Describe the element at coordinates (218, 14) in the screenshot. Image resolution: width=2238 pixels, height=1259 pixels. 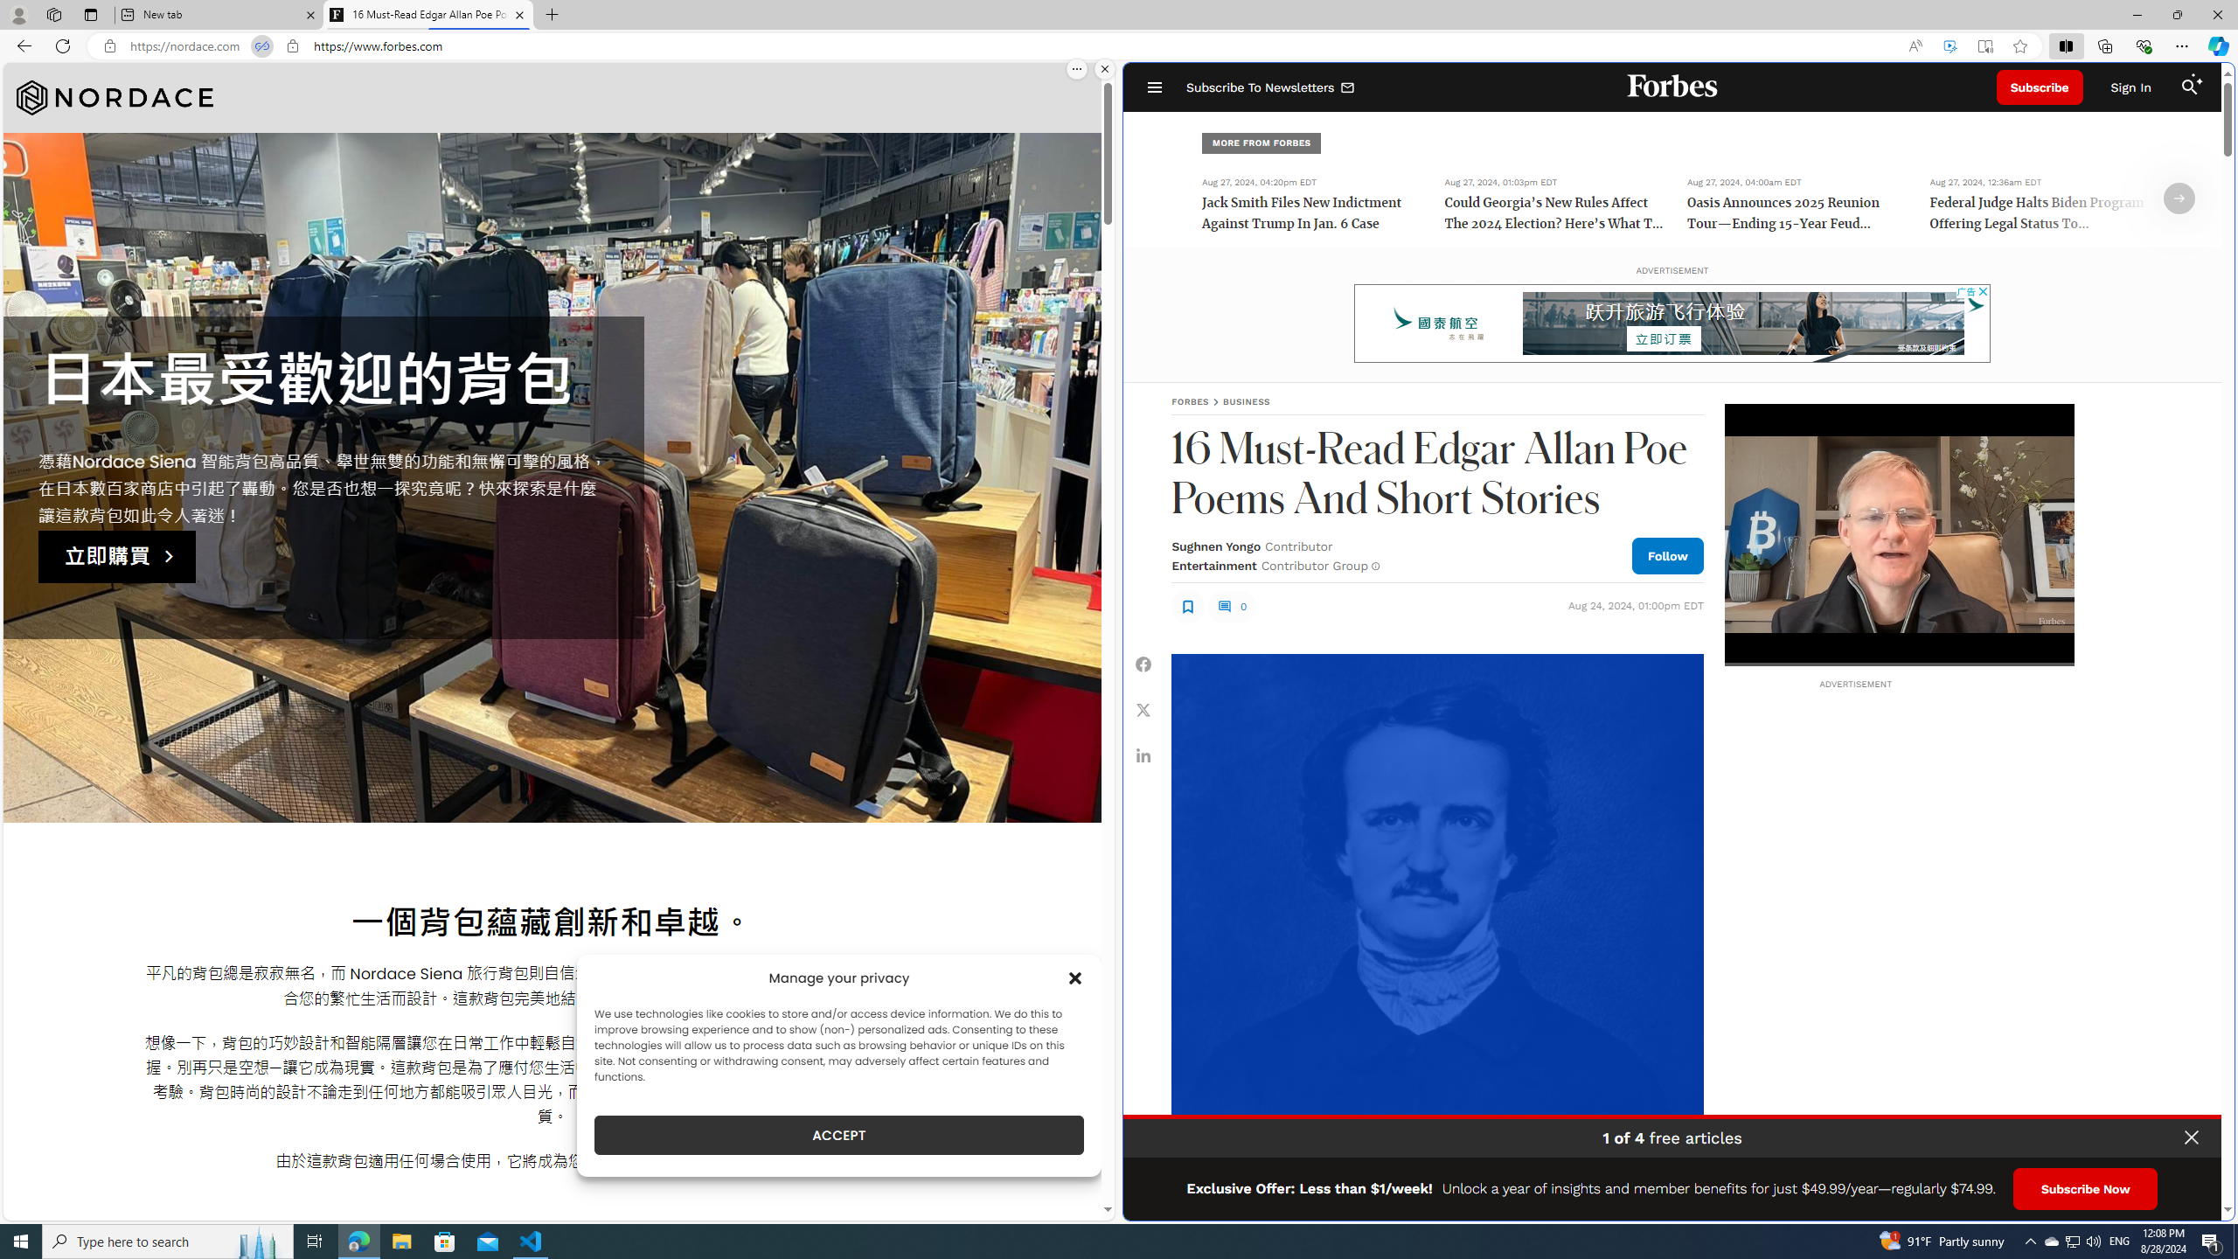
I see `'New tab'` at that location.